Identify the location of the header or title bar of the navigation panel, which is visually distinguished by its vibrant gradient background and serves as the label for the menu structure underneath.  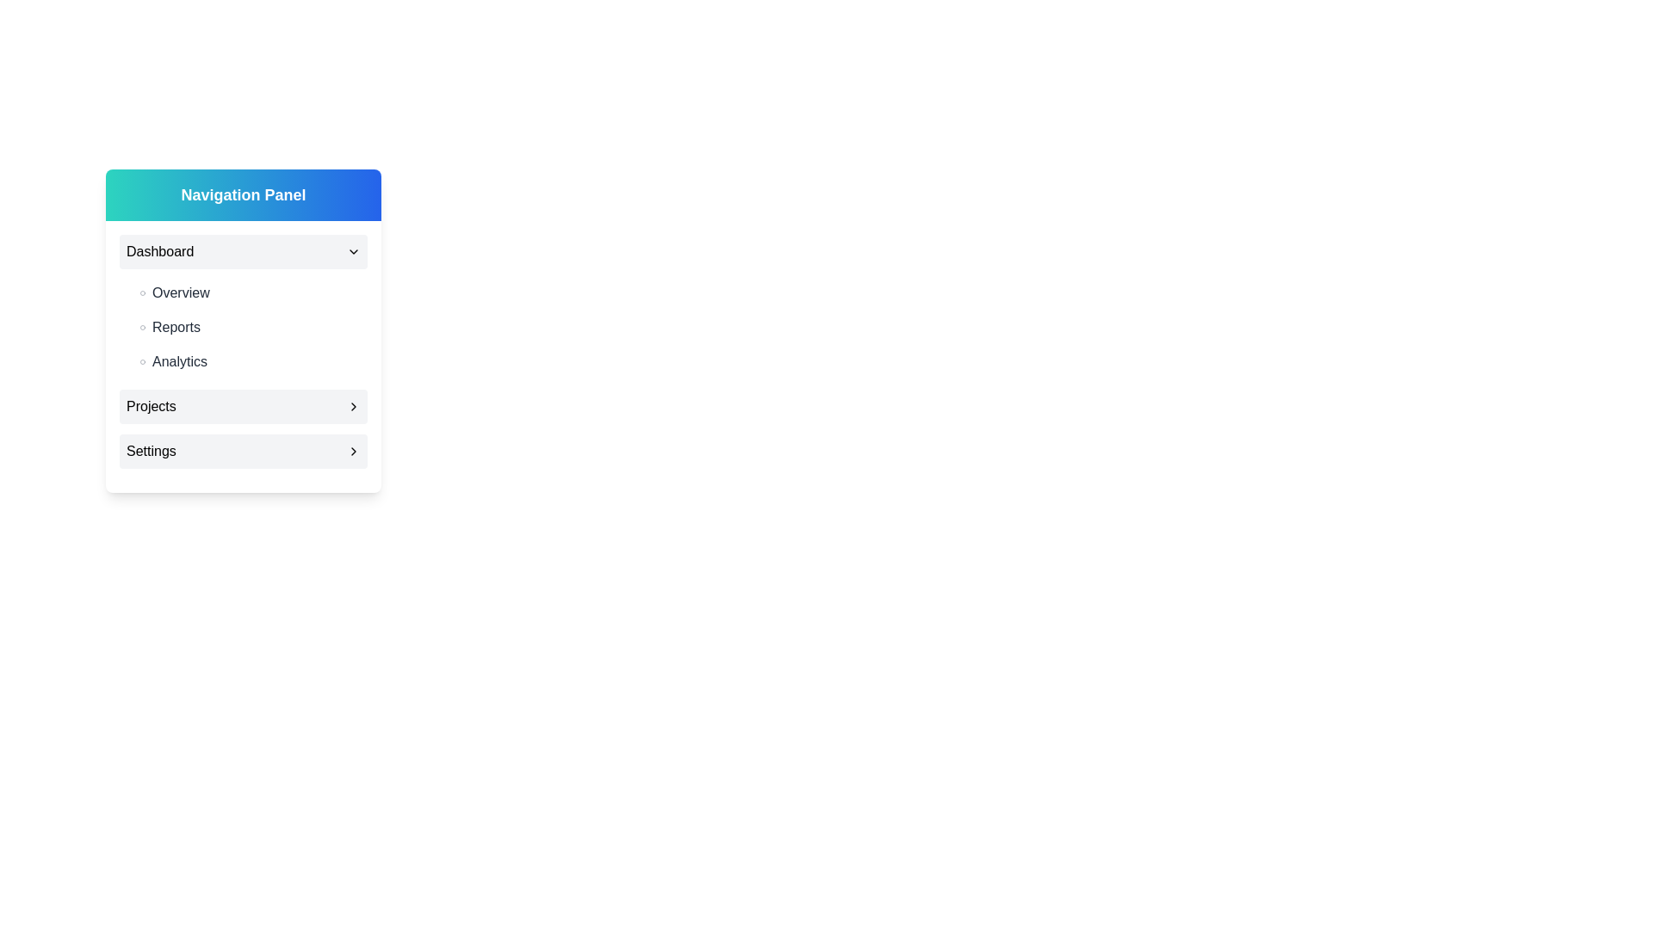
(243, 194).